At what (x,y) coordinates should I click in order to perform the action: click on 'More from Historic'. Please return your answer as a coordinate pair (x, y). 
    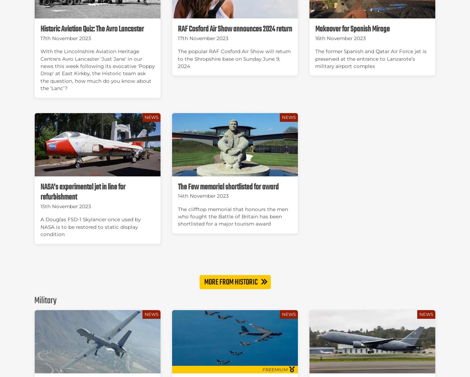
    Looking at the image, I should click on (231, 281).